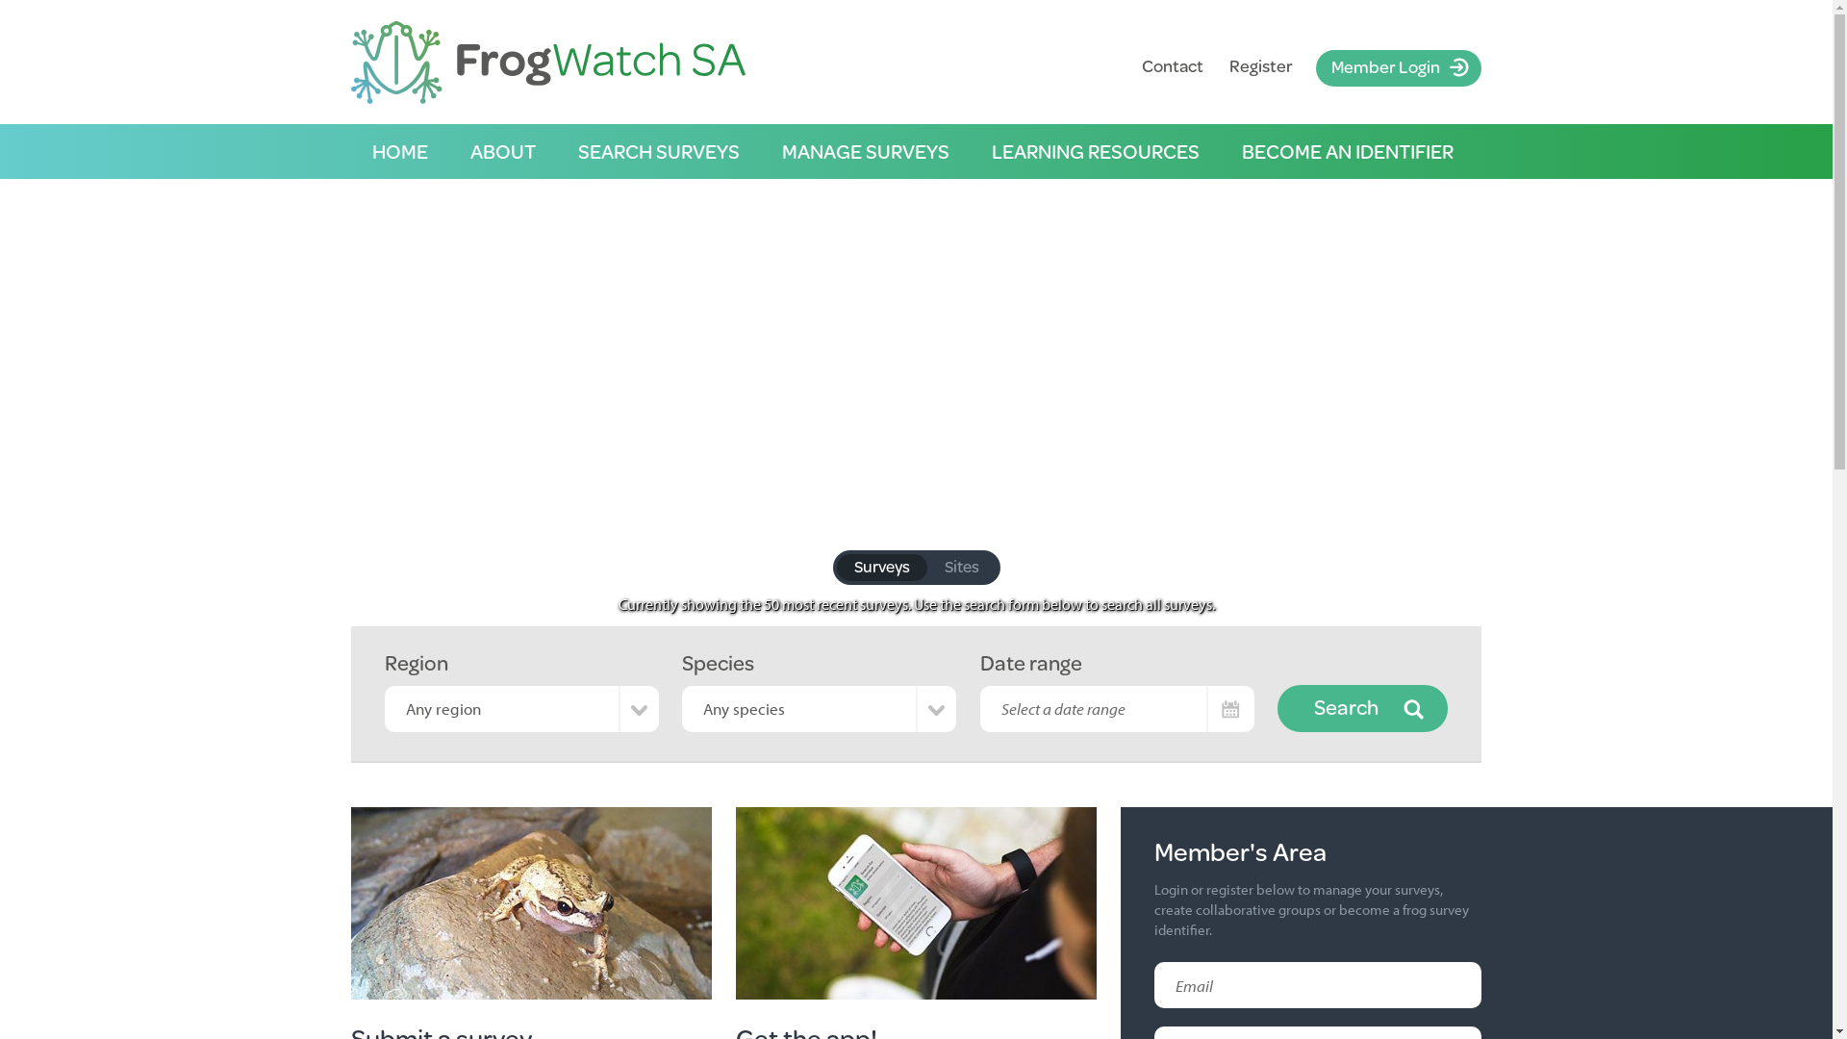 The height and width of the screenshot is (1039, 1847). I want to click on 'Register', so click(1260, 64).